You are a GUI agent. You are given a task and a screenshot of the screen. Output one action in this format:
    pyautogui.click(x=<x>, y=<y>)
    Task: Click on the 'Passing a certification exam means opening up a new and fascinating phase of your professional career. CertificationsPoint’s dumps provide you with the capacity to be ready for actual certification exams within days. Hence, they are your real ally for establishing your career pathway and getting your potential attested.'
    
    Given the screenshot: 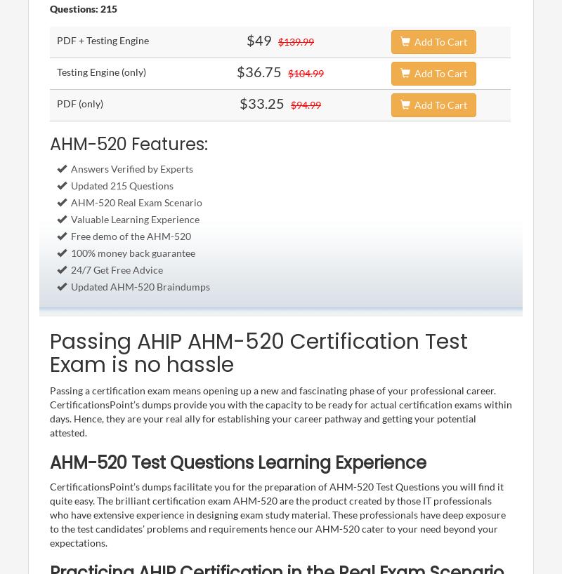 What is the action you would take?
    pyautogui.click(x=281, y=411)
    